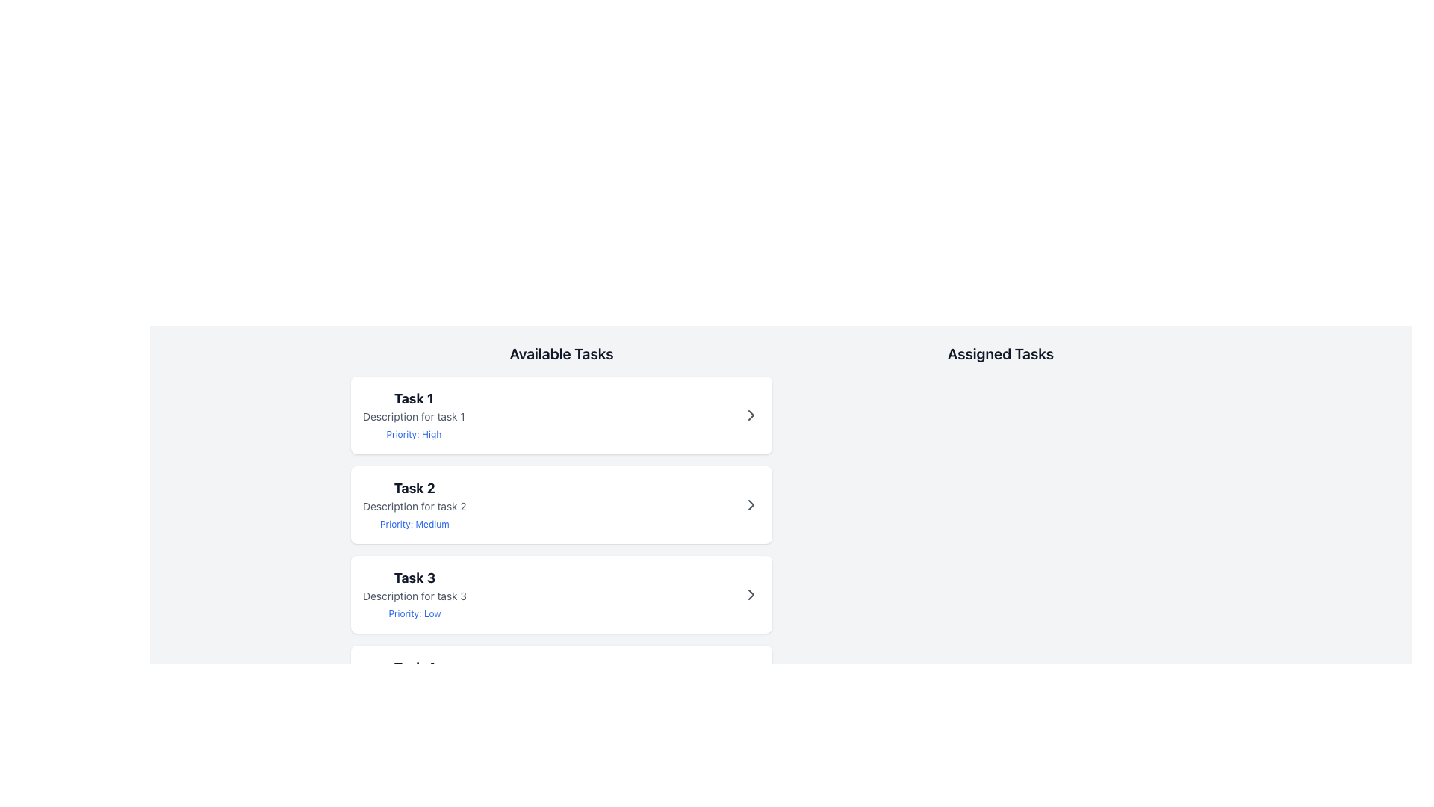  I want to click on the right-pointing chevron icon located at the rightmost end of the 'Task 2' card in the 'Available Tasks' list, so click(751, 504).